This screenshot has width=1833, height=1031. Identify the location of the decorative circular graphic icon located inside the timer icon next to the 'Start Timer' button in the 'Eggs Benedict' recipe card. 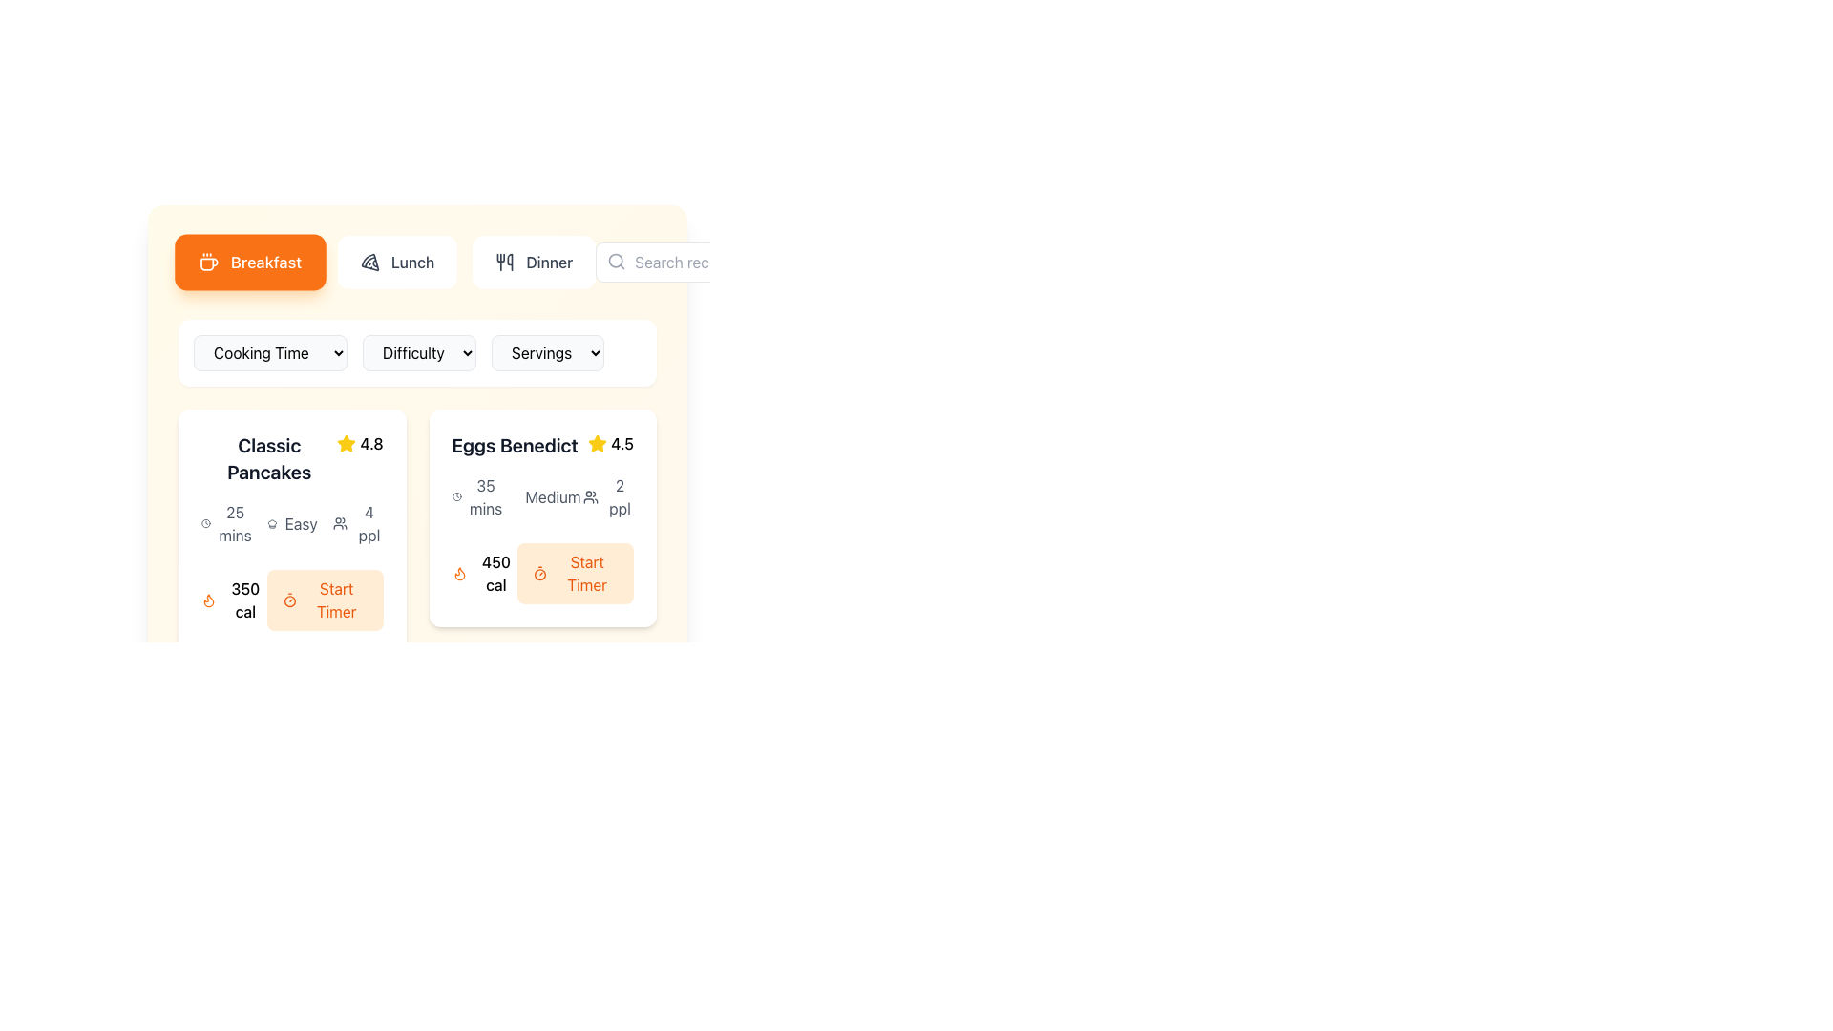
(288, 601).